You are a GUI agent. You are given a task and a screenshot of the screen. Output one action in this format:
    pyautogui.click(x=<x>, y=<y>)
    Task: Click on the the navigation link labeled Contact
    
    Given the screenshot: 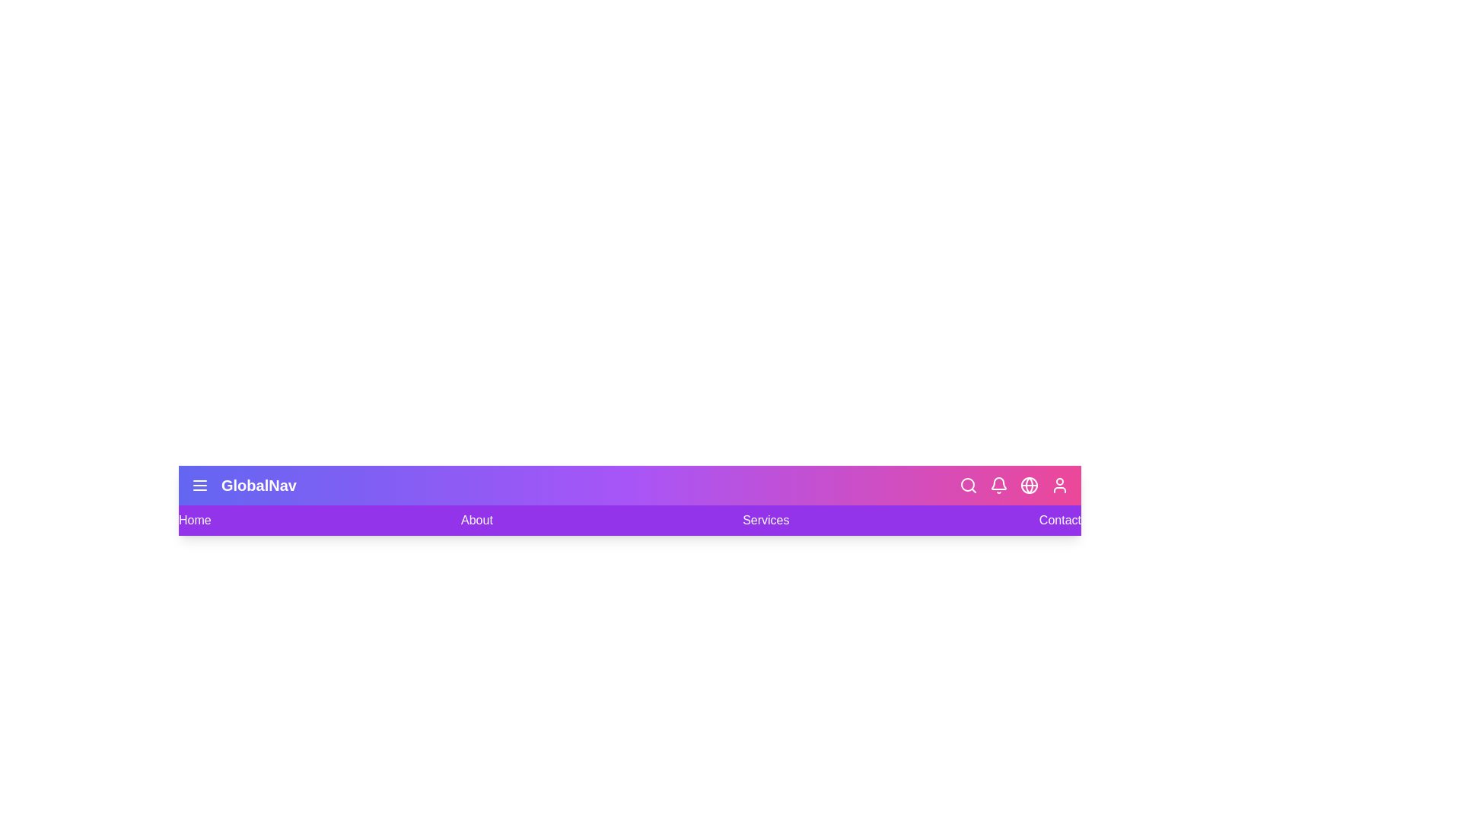 What is the action you would take?
    pyautogui.click(x=1058, y=519)
    